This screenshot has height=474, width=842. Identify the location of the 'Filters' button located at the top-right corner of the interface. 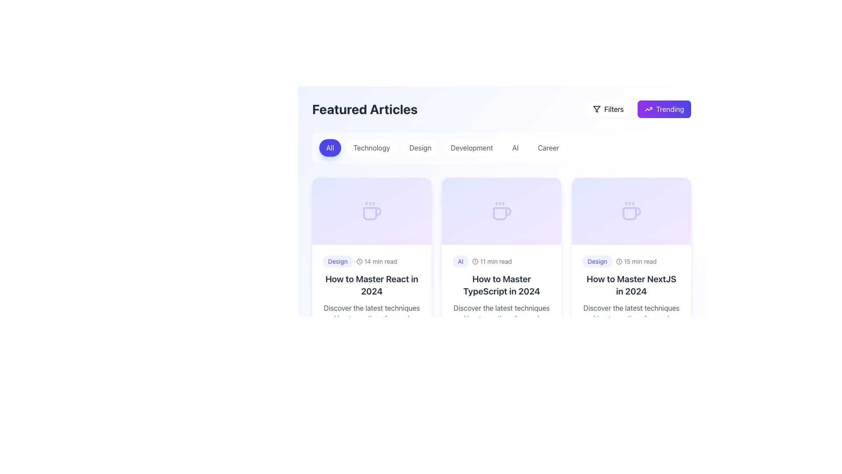
(608, 109).